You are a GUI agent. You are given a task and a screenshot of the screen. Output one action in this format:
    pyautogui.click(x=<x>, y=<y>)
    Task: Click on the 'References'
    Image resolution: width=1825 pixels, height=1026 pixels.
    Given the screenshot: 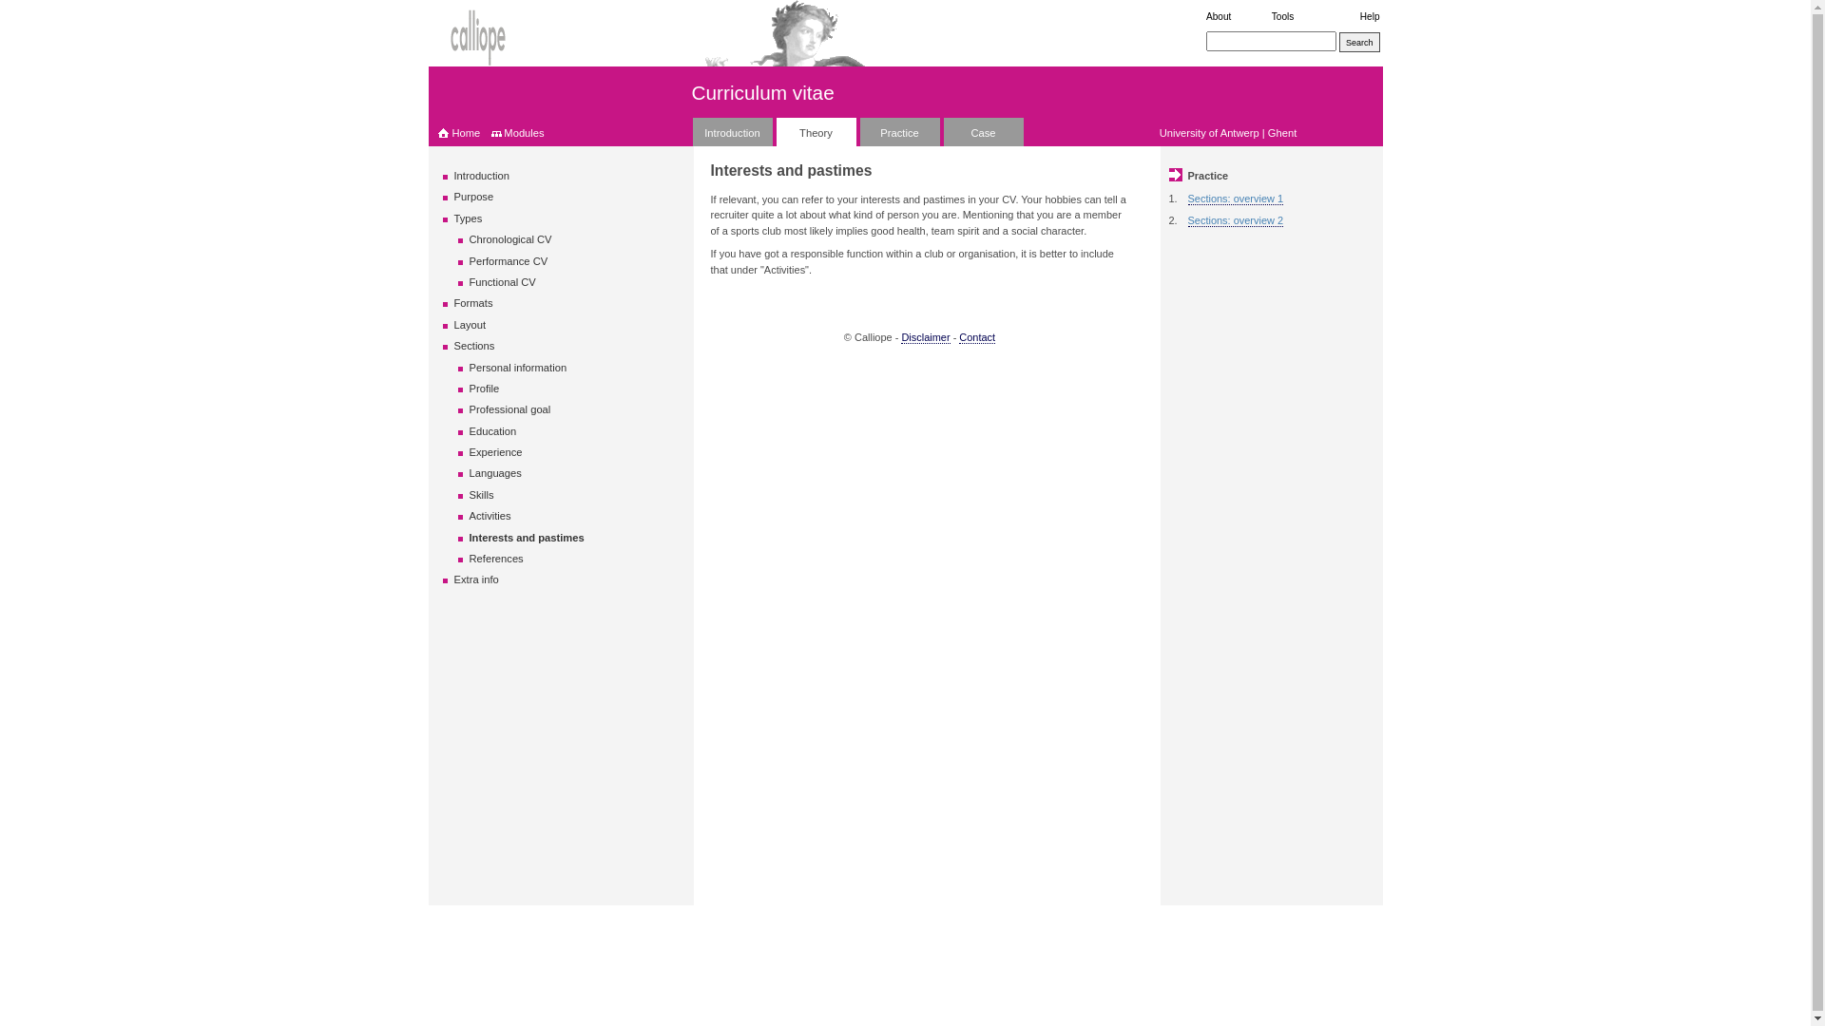 What is the action you would take?
    pyautogui.click(x=496, y=557)
    